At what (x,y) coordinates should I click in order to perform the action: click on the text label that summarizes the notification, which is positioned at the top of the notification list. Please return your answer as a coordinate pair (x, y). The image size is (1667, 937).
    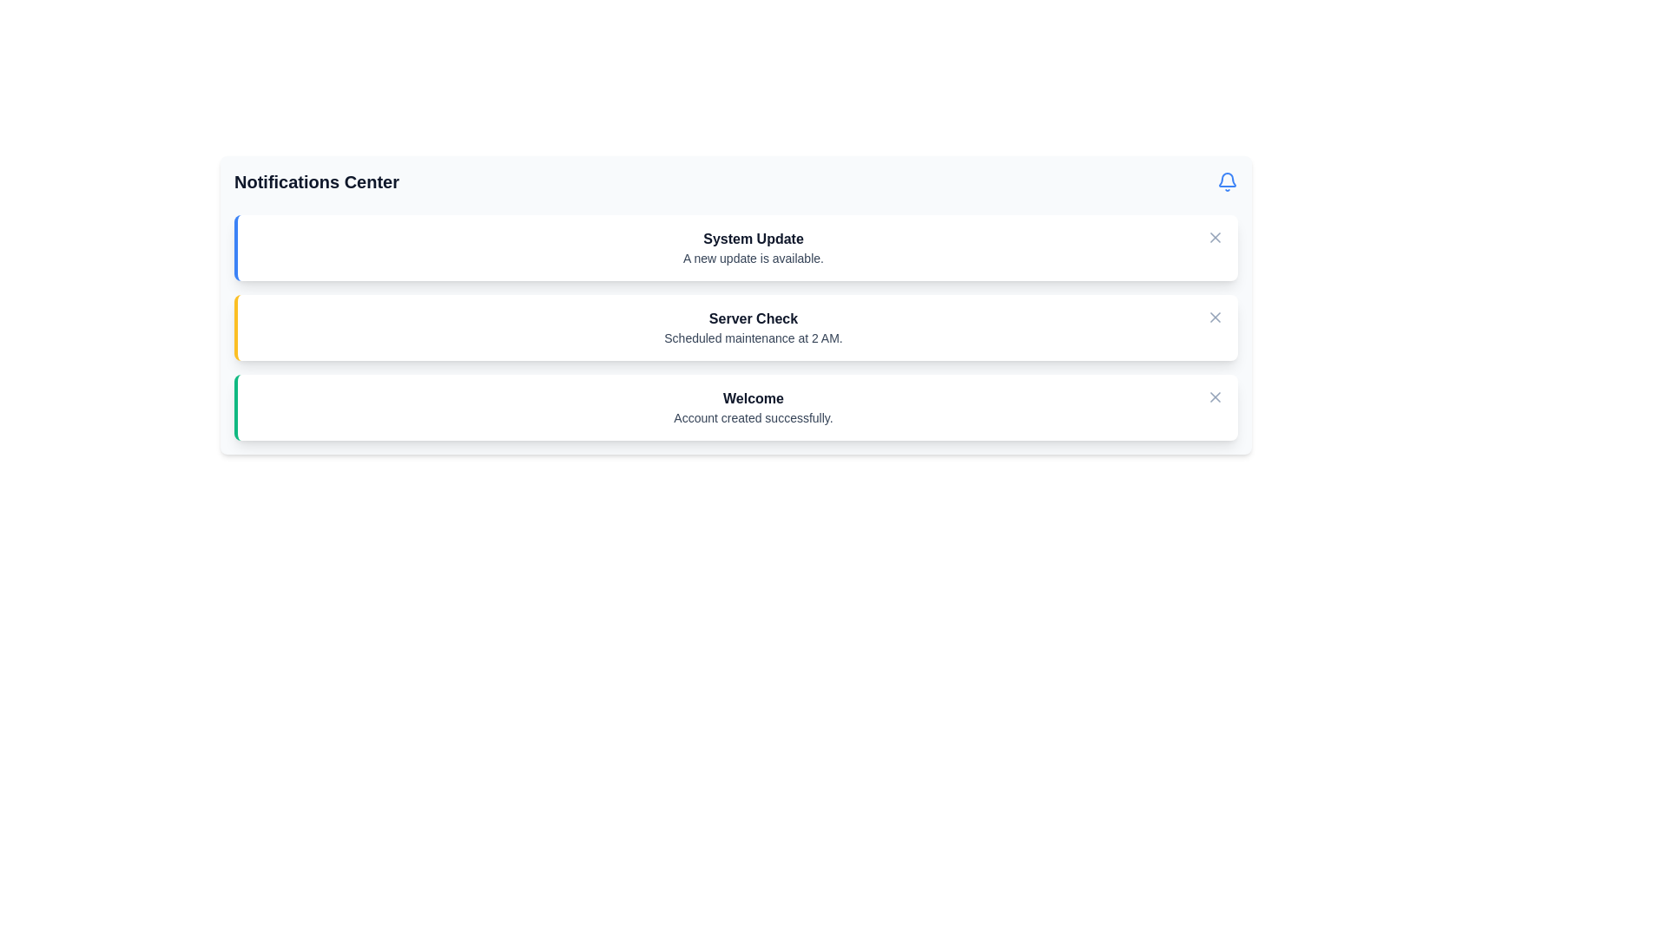
    Looking at the image, I should click on (754, 239).